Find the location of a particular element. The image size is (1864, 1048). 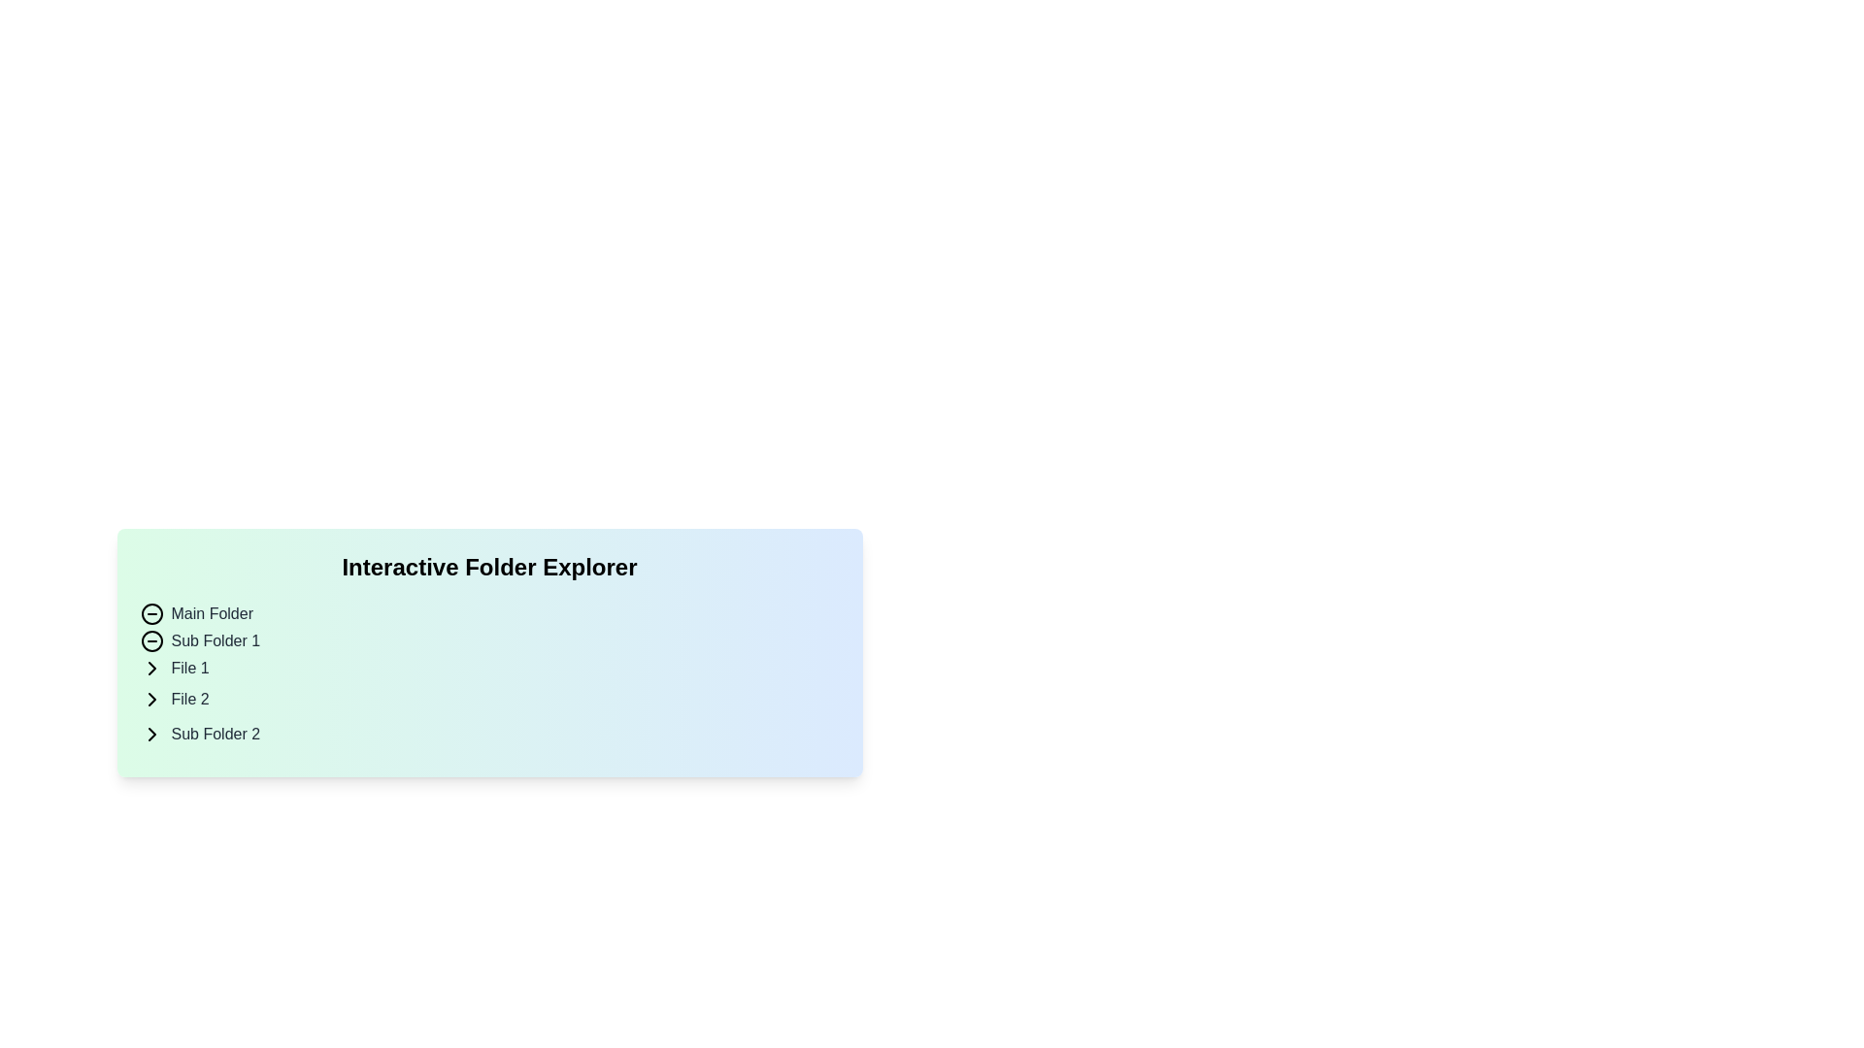

the circular icon with a minus symbol inside, located to the left of the 'Main Folder' label in the file explorer UI is located at coordinates (150, 613).